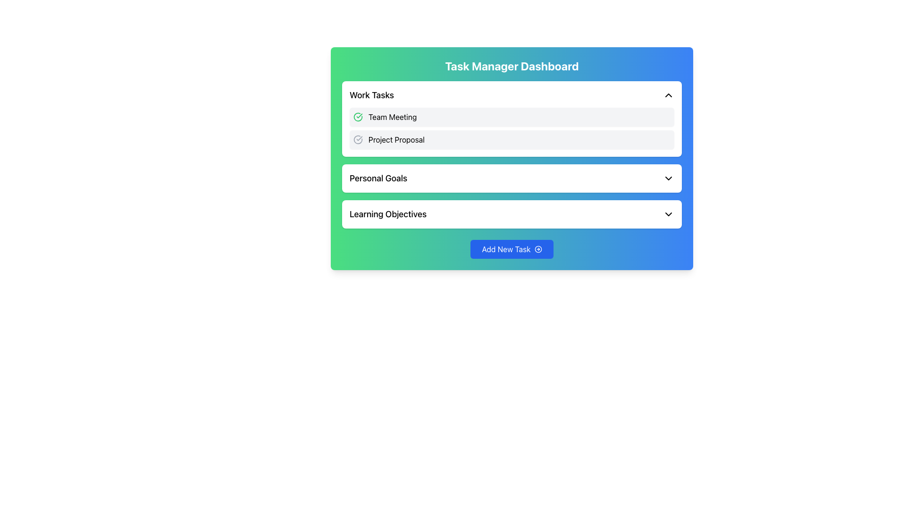 This screenshot has height=510, width=906. Describe the element at coordinates (511, 65) in the screenshot. I see `text 'Task Manager Dashboard' displayed at the top of the application interface, which is a static header in bold white font on a gradient background` at that location.